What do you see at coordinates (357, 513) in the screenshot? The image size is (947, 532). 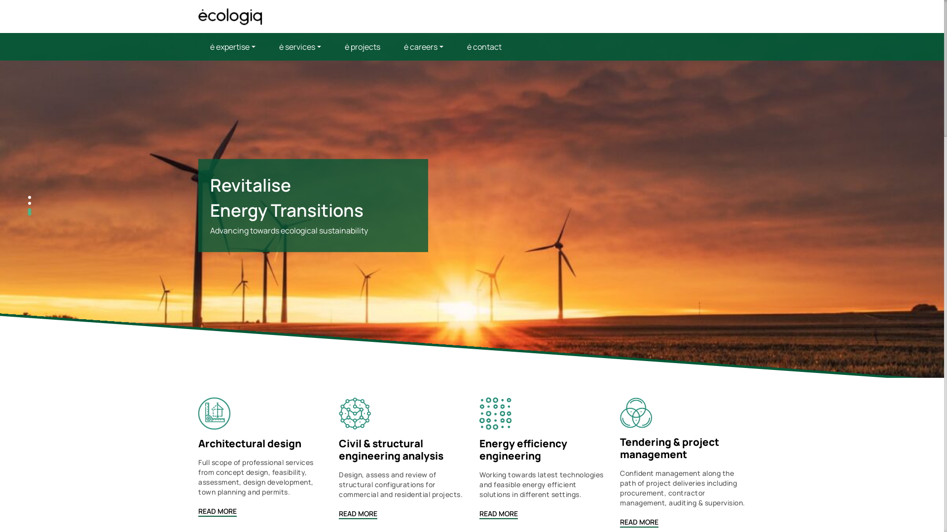 I see `'READ MORE'` at bounding box center [357, 513].